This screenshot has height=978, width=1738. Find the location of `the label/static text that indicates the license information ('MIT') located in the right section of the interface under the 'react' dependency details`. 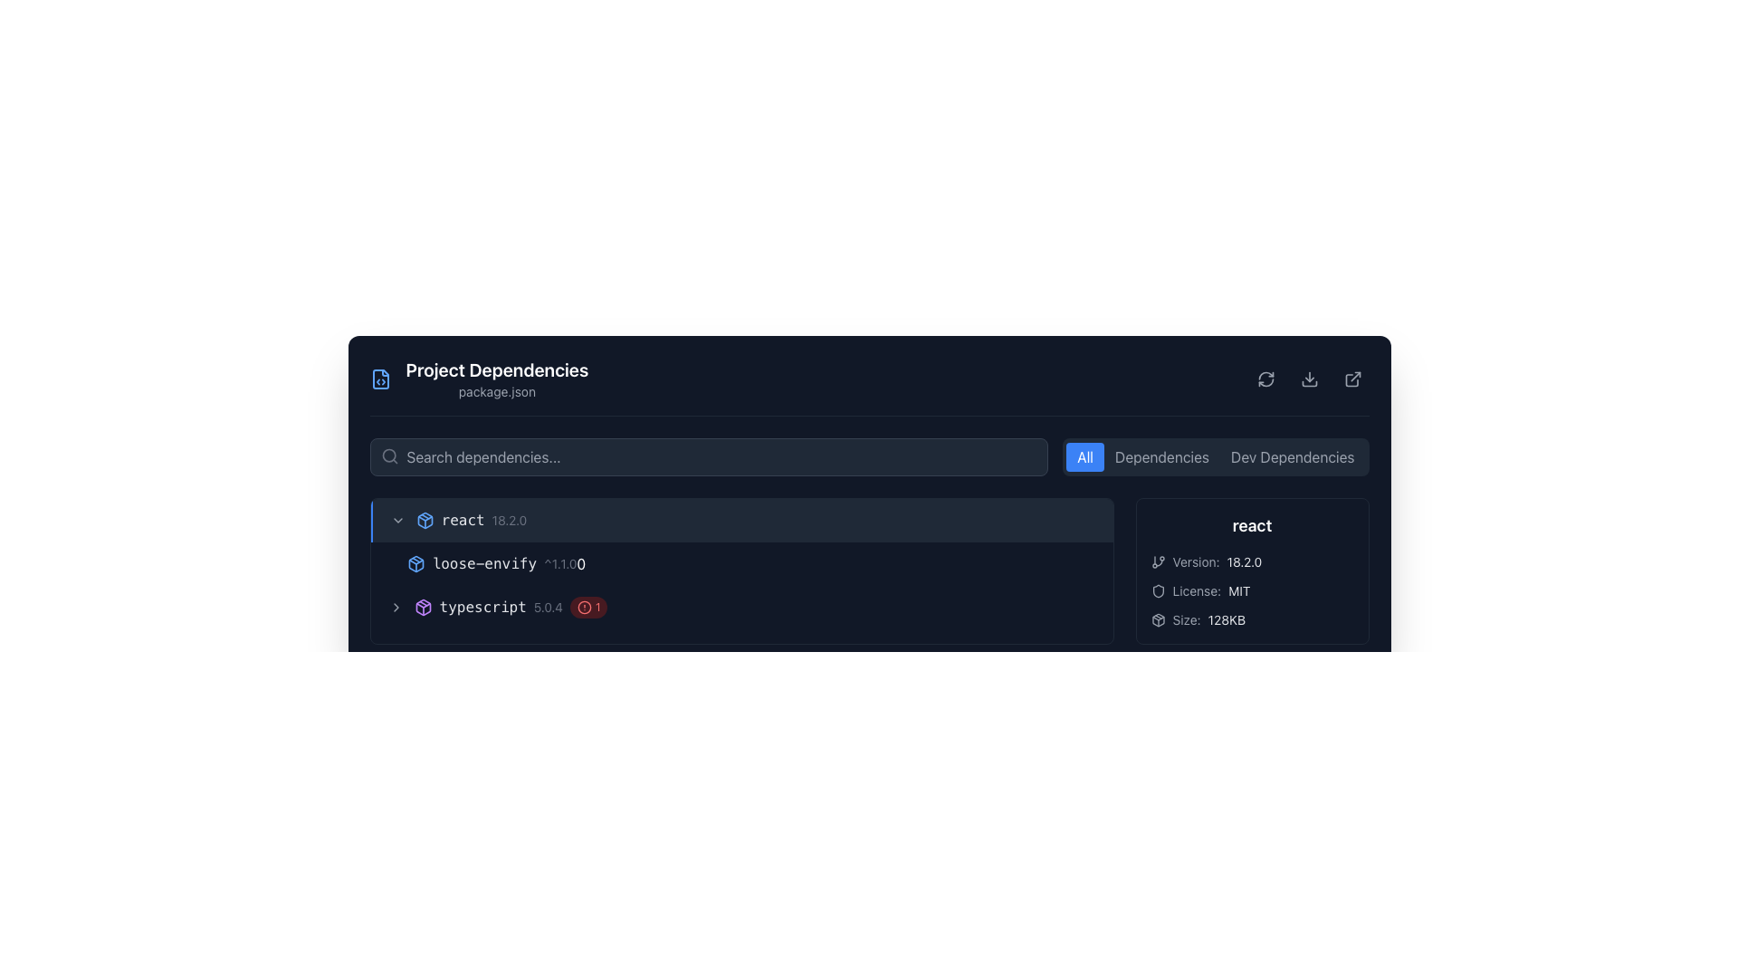

the label/static text that indicates the license information ('MIT') located in the right section of the interface under the 'react' dependency details is located at coordinates (1197, 590).